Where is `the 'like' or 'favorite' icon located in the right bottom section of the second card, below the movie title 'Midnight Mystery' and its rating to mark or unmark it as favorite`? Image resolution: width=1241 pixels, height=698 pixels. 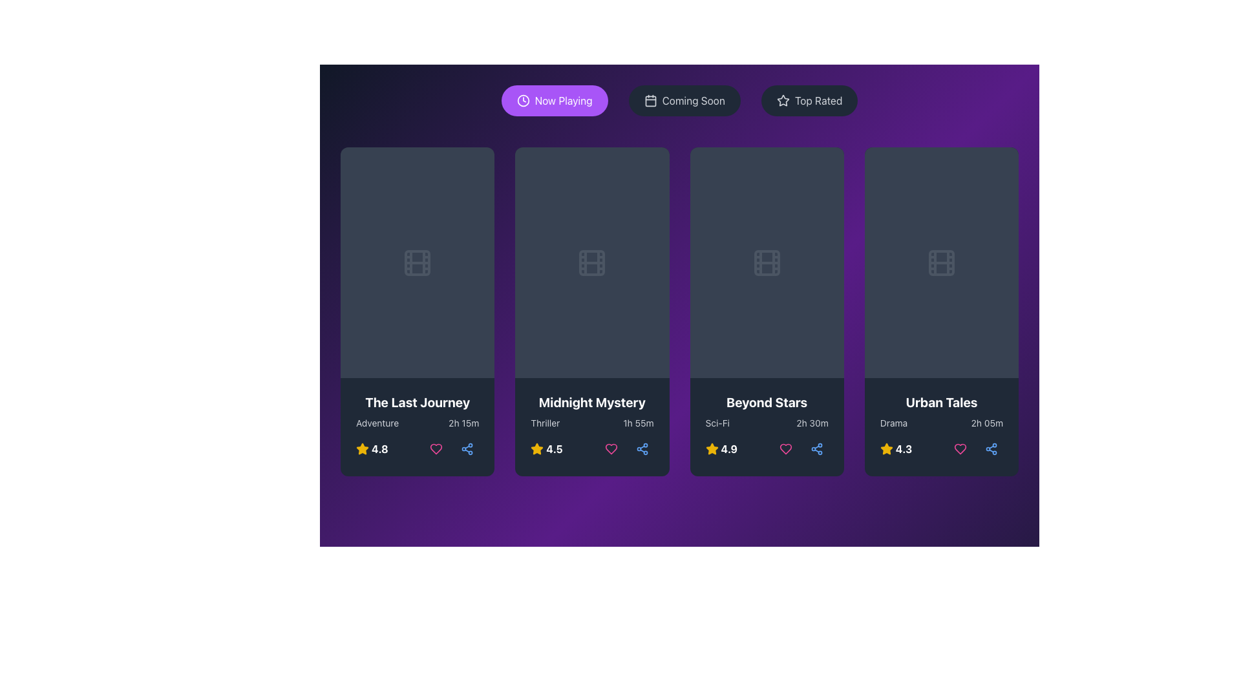 the 'like' or 'favorite' icon located in the right bottom section of the second card, below the movie title 'Midnight Mystery' and its rating to mark or unmark it as favorite is located at coordinates (610, 449).